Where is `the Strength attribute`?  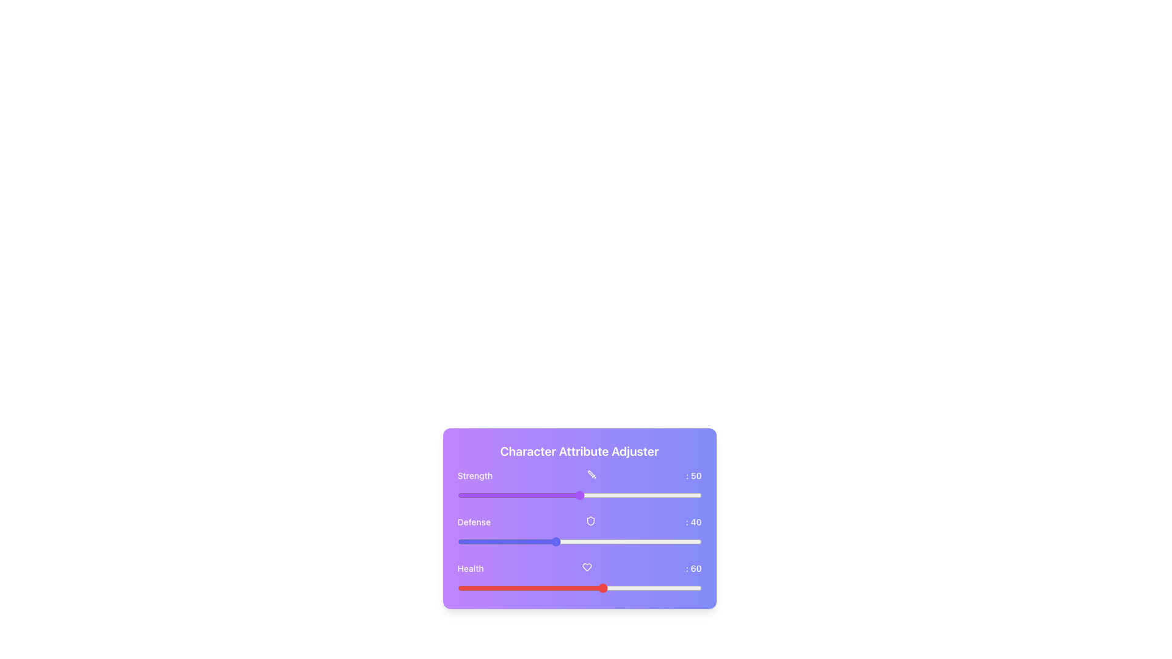
the Strength attribute is located at coordinates (687, 495).